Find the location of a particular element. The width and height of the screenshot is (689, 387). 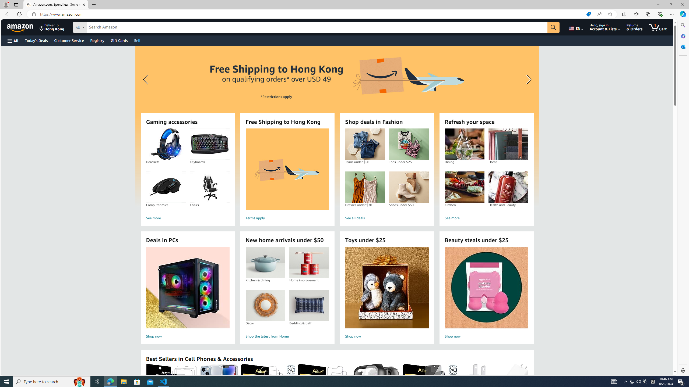

'Shop the latest from Home' is located at coordinates (287, 336).